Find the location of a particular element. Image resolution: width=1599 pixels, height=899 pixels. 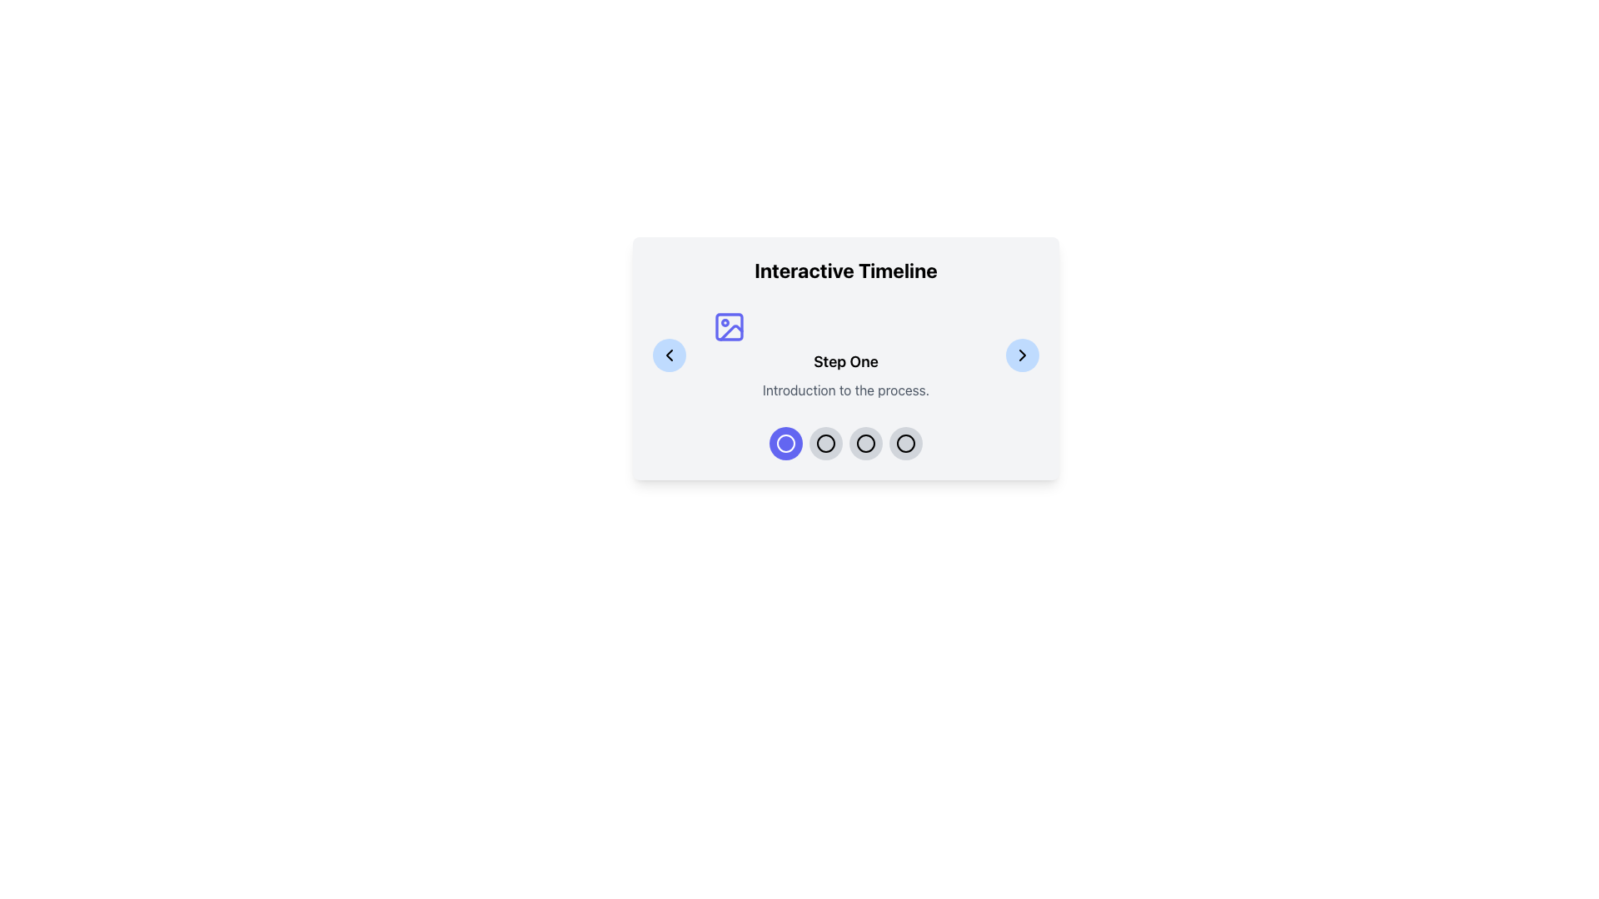

the navigation button located to the left of 'Step One' is located at coordinates (670, 355).